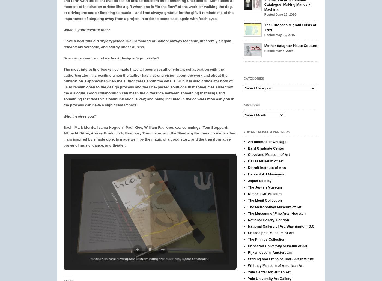 This screenshot has width=382, height=281. I want to click on 'Japan Society', so click(259, 180).